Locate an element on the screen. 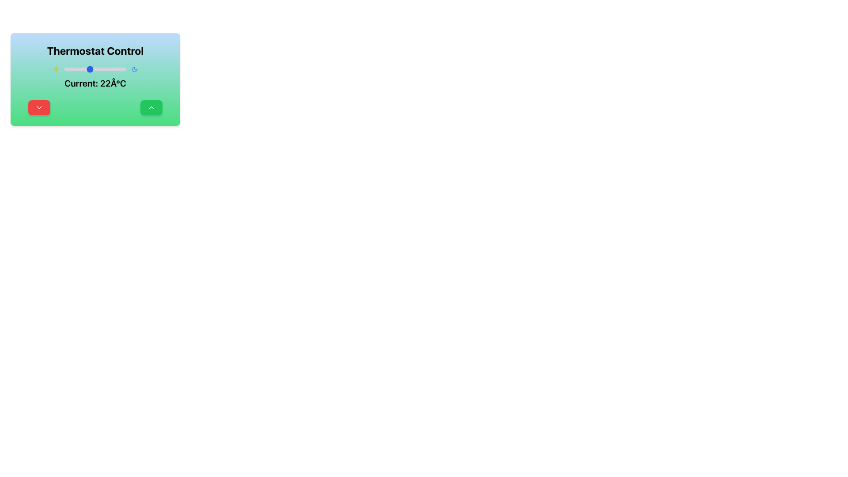 This screenshot has height=477, width=848. temperature is located at coordinates (87, 69).